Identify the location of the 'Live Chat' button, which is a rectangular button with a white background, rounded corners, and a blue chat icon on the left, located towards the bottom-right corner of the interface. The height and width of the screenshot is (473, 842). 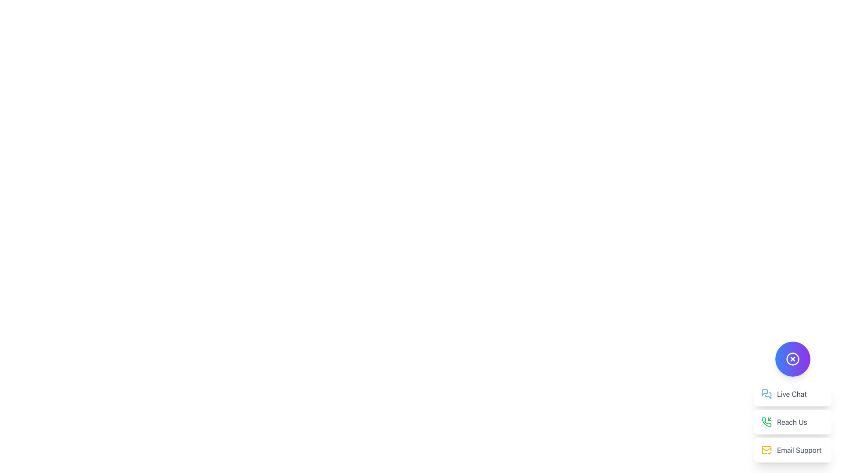
(793, 393).